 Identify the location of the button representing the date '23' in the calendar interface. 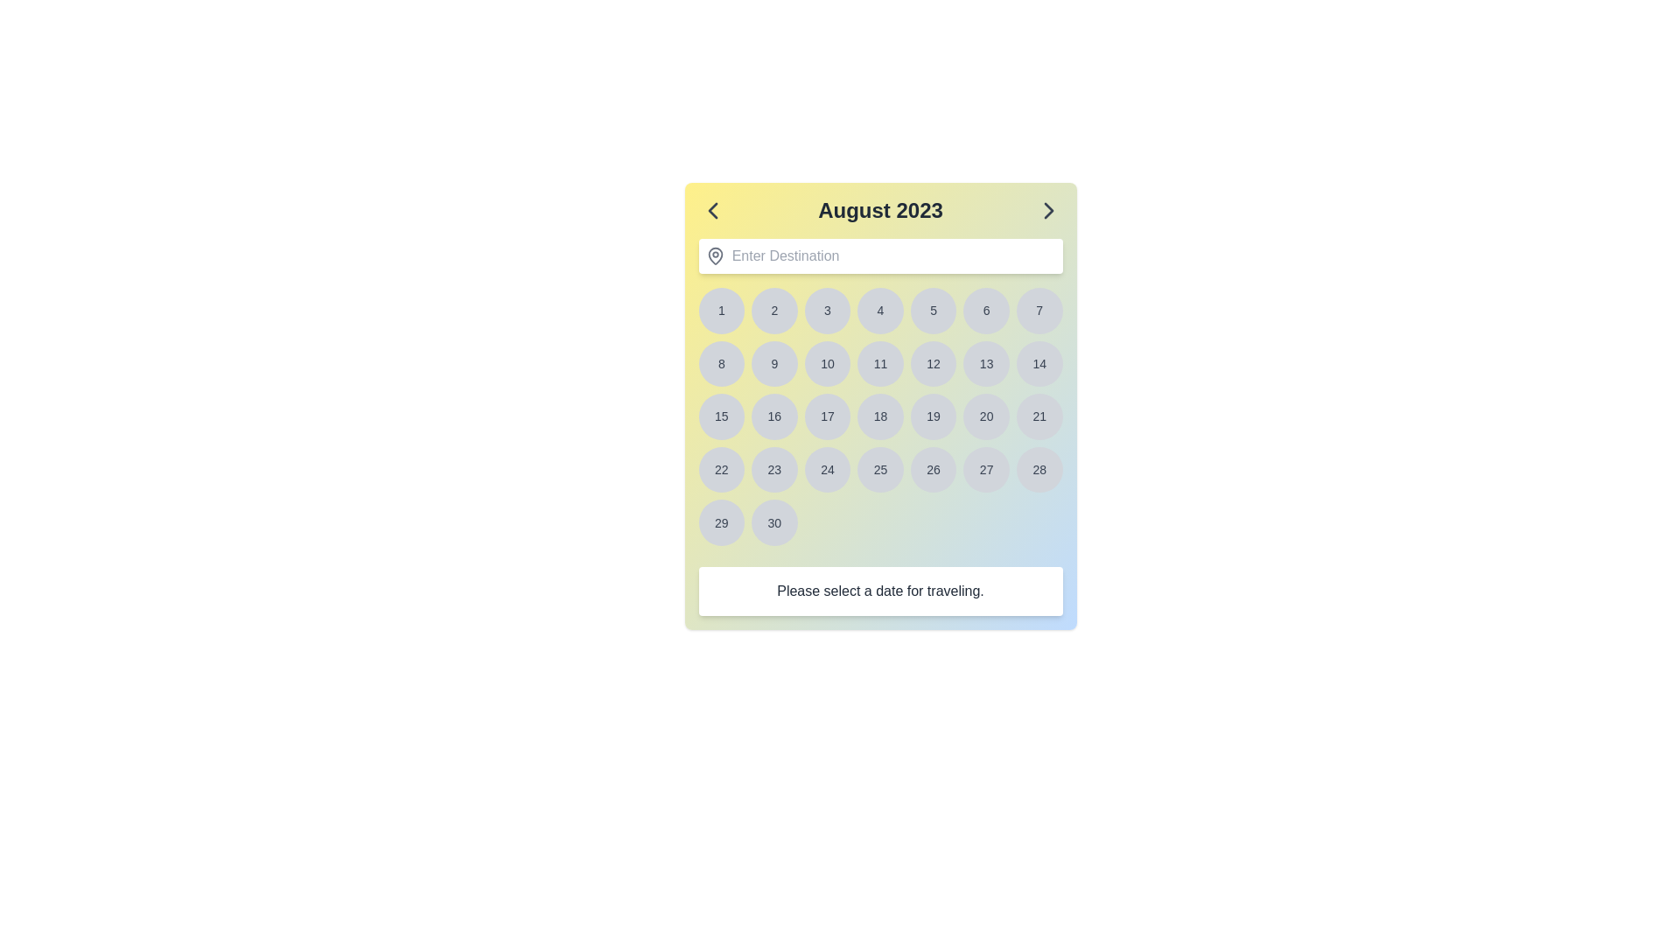
(773, 468).